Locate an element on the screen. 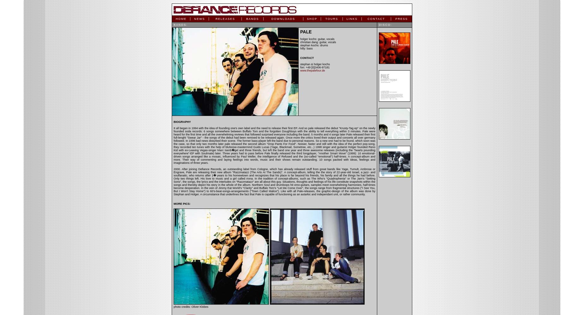 The width and height of the screenshot is (584, 315). 'stephan & holger kochs' is located at coordinates (315, 64).